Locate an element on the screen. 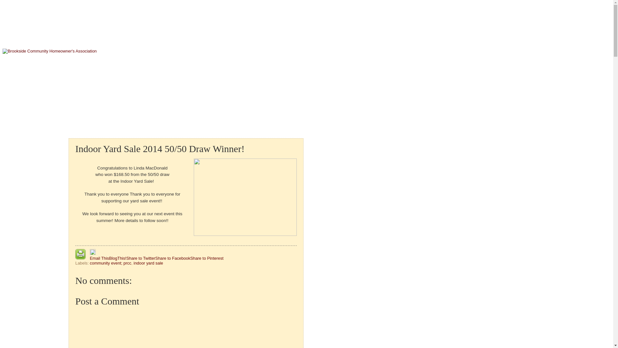 This screenshot has height=348, width=618. 'indoor yard sale' is located at coordinates (148, 263).